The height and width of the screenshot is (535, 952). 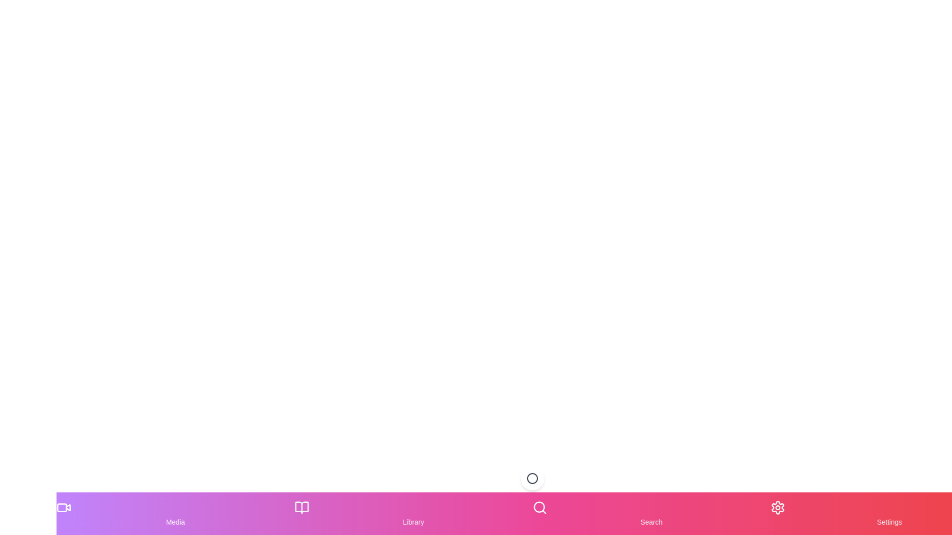 I want to click on the Library item in the navigation bar, so click(x=414, y=513).